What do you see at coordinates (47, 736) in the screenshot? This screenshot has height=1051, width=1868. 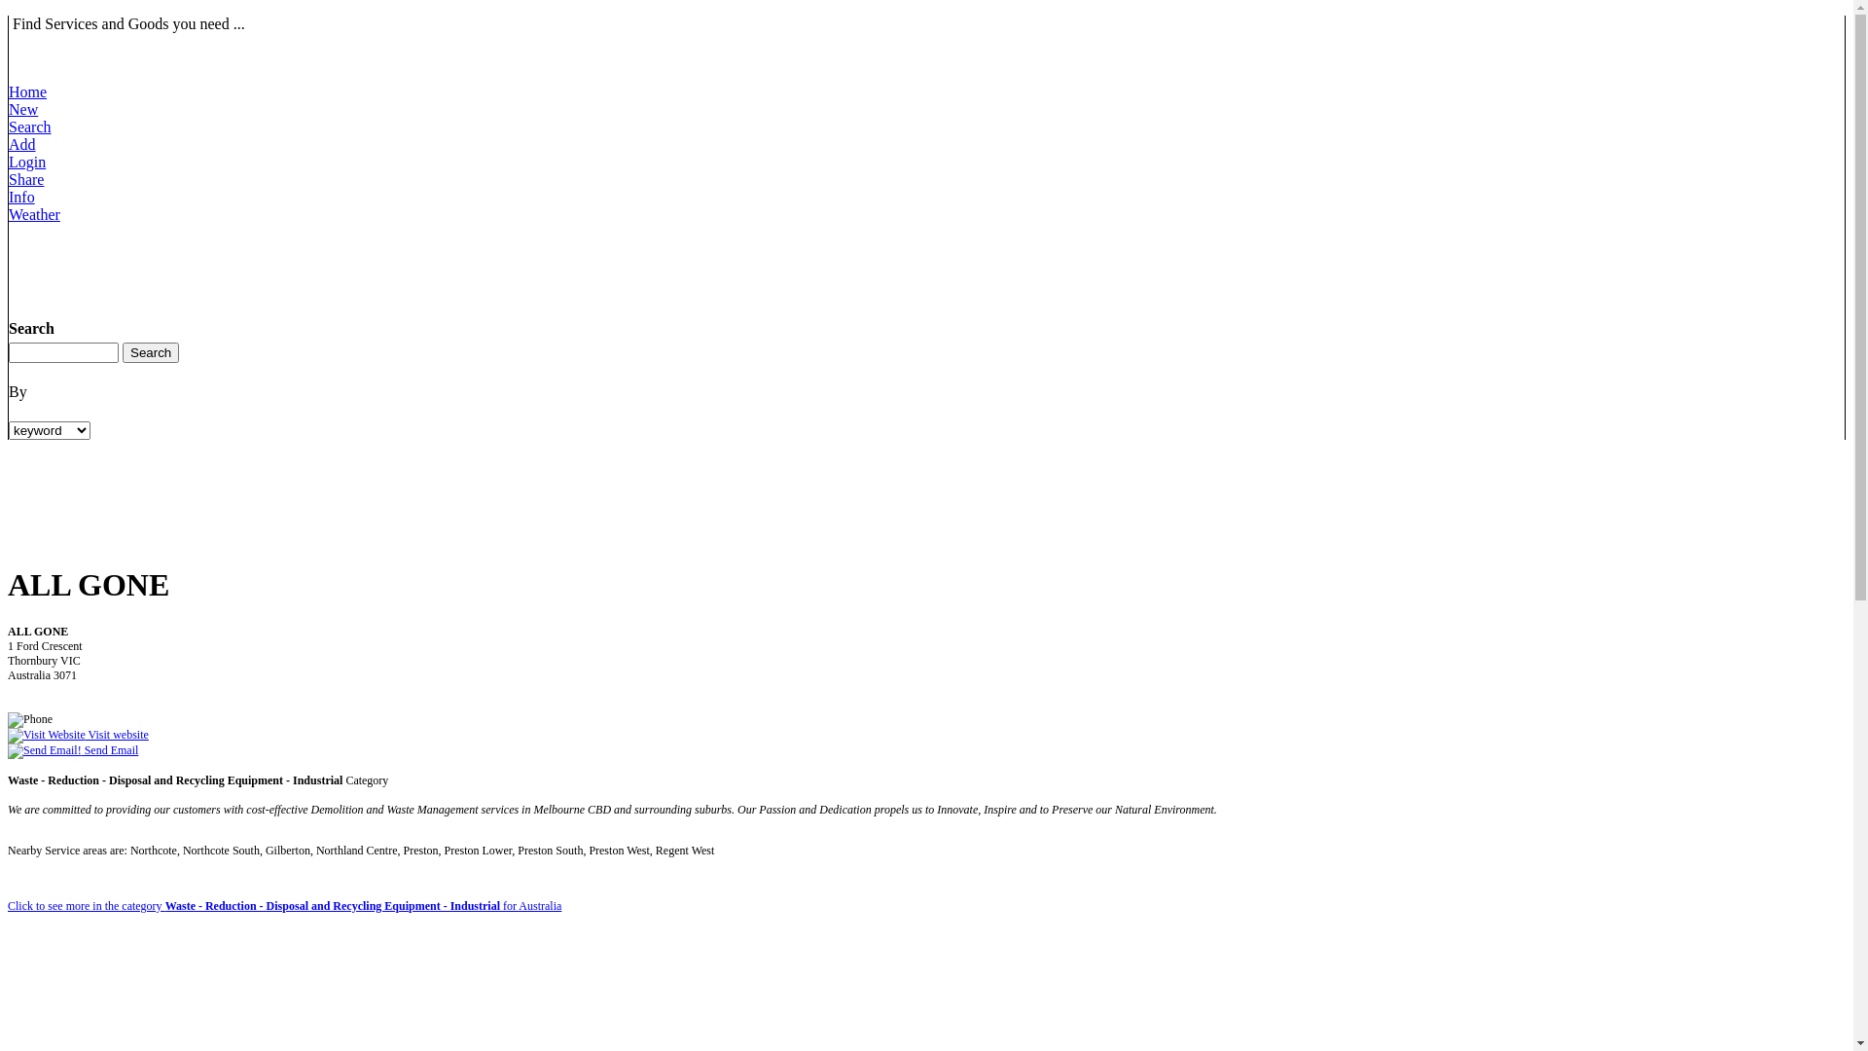 I see `'Visit Website'` at bounding box center [47, 736].